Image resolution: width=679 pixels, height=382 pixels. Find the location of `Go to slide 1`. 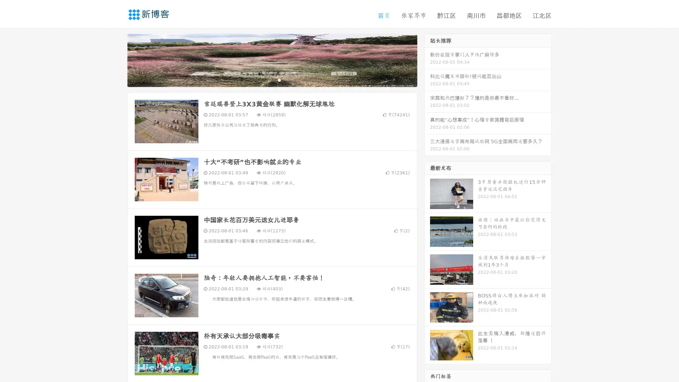

Go to slide 1 is located at coordinates (265, 80).